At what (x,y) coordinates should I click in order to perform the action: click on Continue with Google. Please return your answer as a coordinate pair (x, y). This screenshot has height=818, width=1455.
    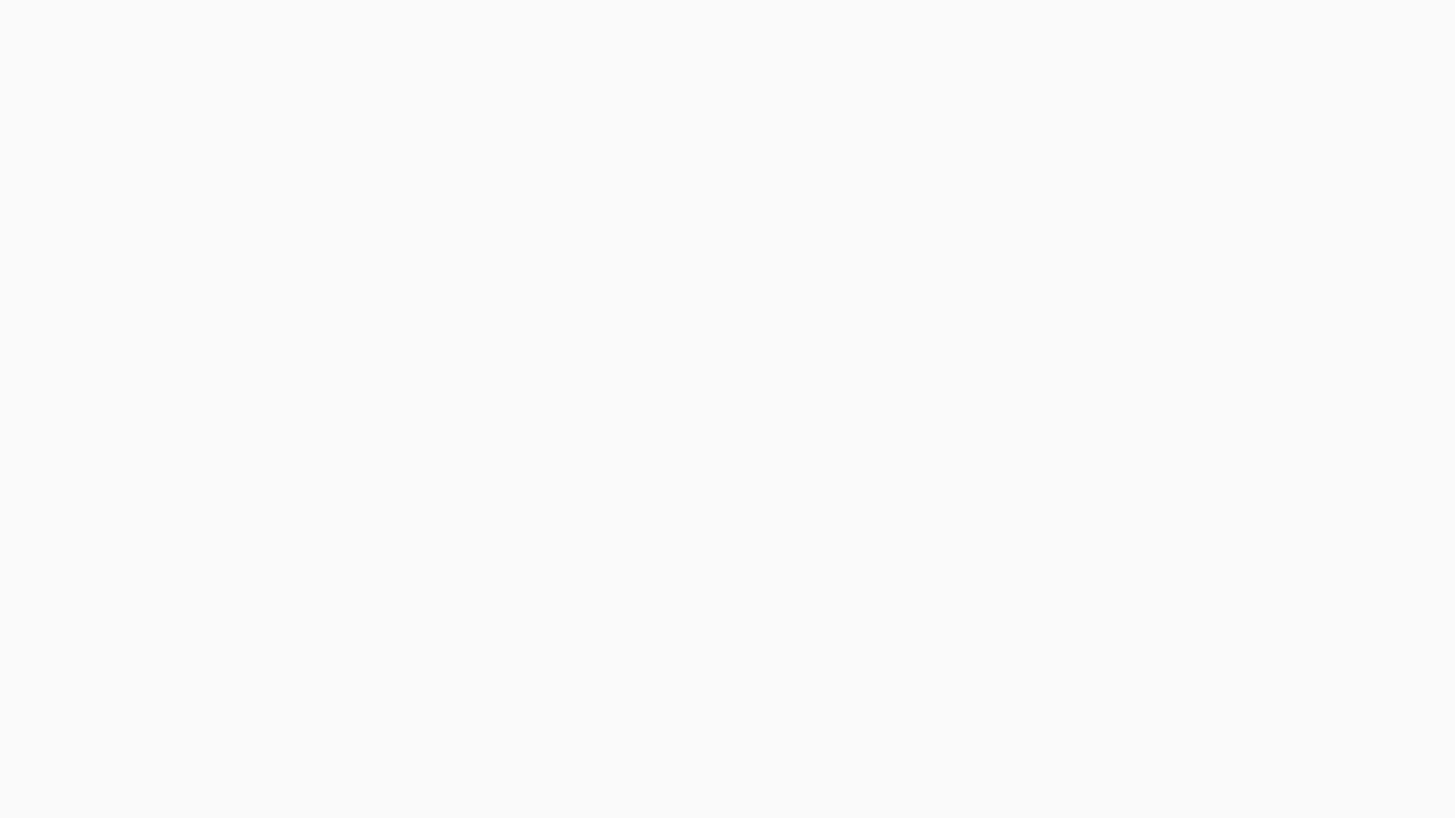
    Looking at the image, I should click on (234, 488).